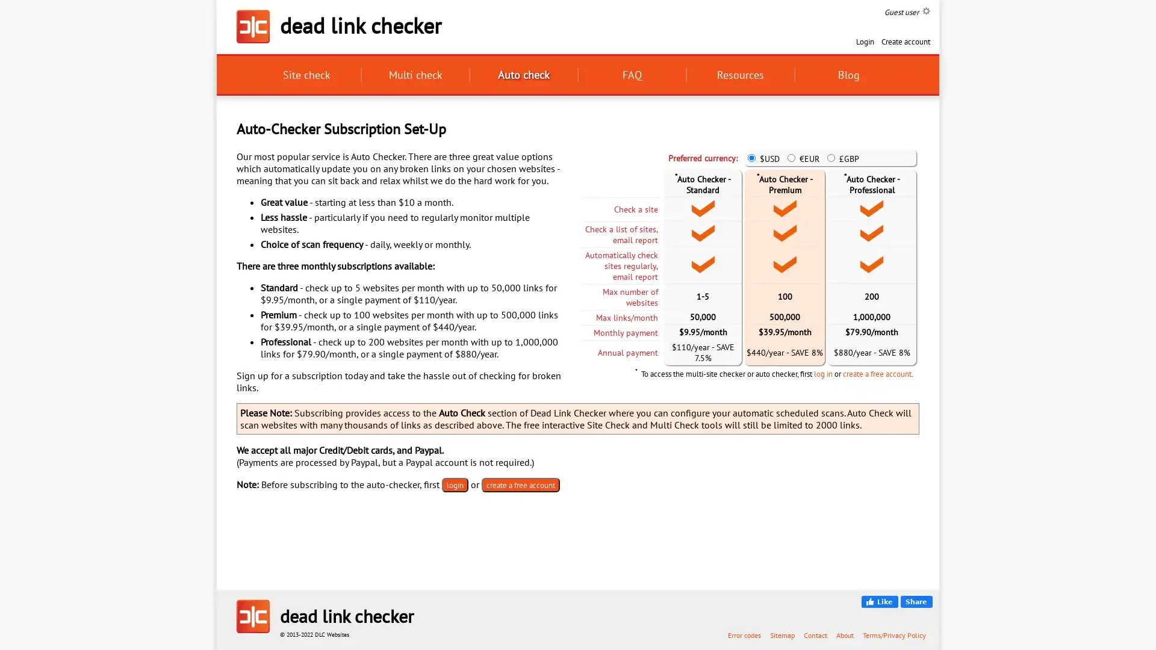  I want to click on create a free account, so click(520, 484).